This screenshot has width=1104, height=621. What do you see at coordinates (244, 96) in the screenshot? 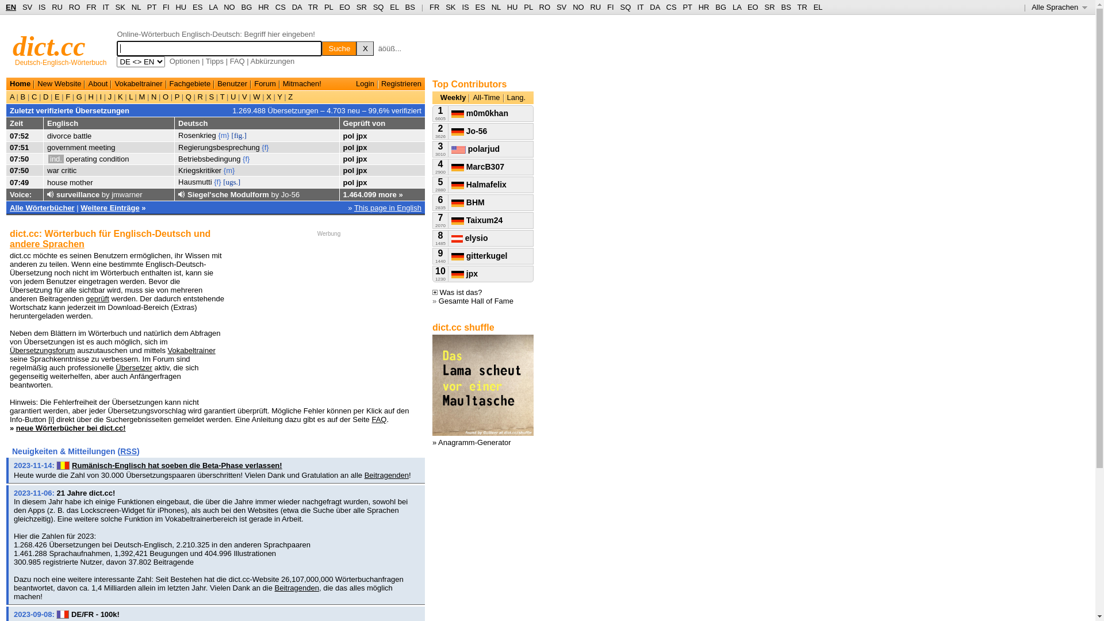
I see `'V'` at bounding box center [244, 96].